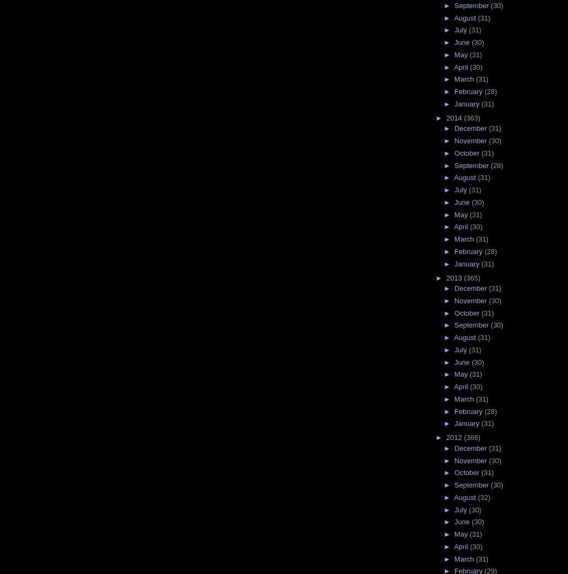 The image size is (568, 574). What do you see at coordinates (455, 277) in the screenshot?
I see `'2013'` at bounding box center [455, 277].